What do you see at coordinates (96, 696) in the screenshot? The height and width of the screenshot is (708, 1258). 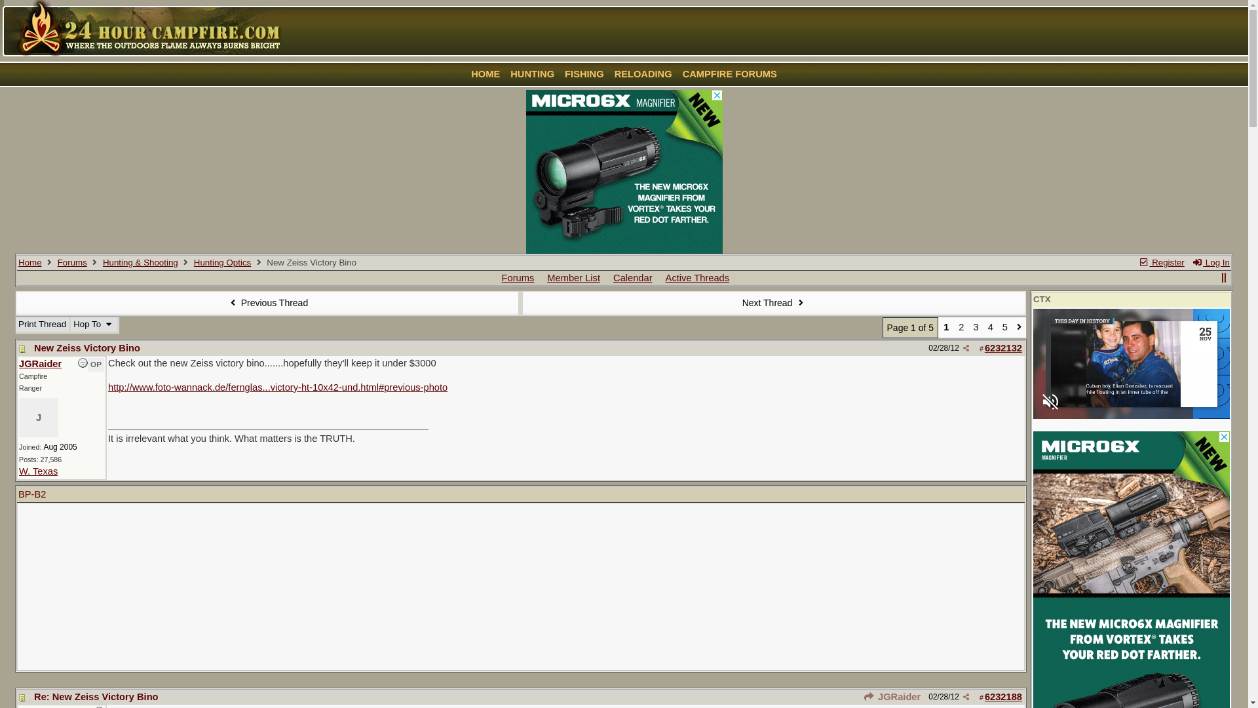 I see `'Re: New Zeiss Victory Bino'` at bounding box center [96, 696].